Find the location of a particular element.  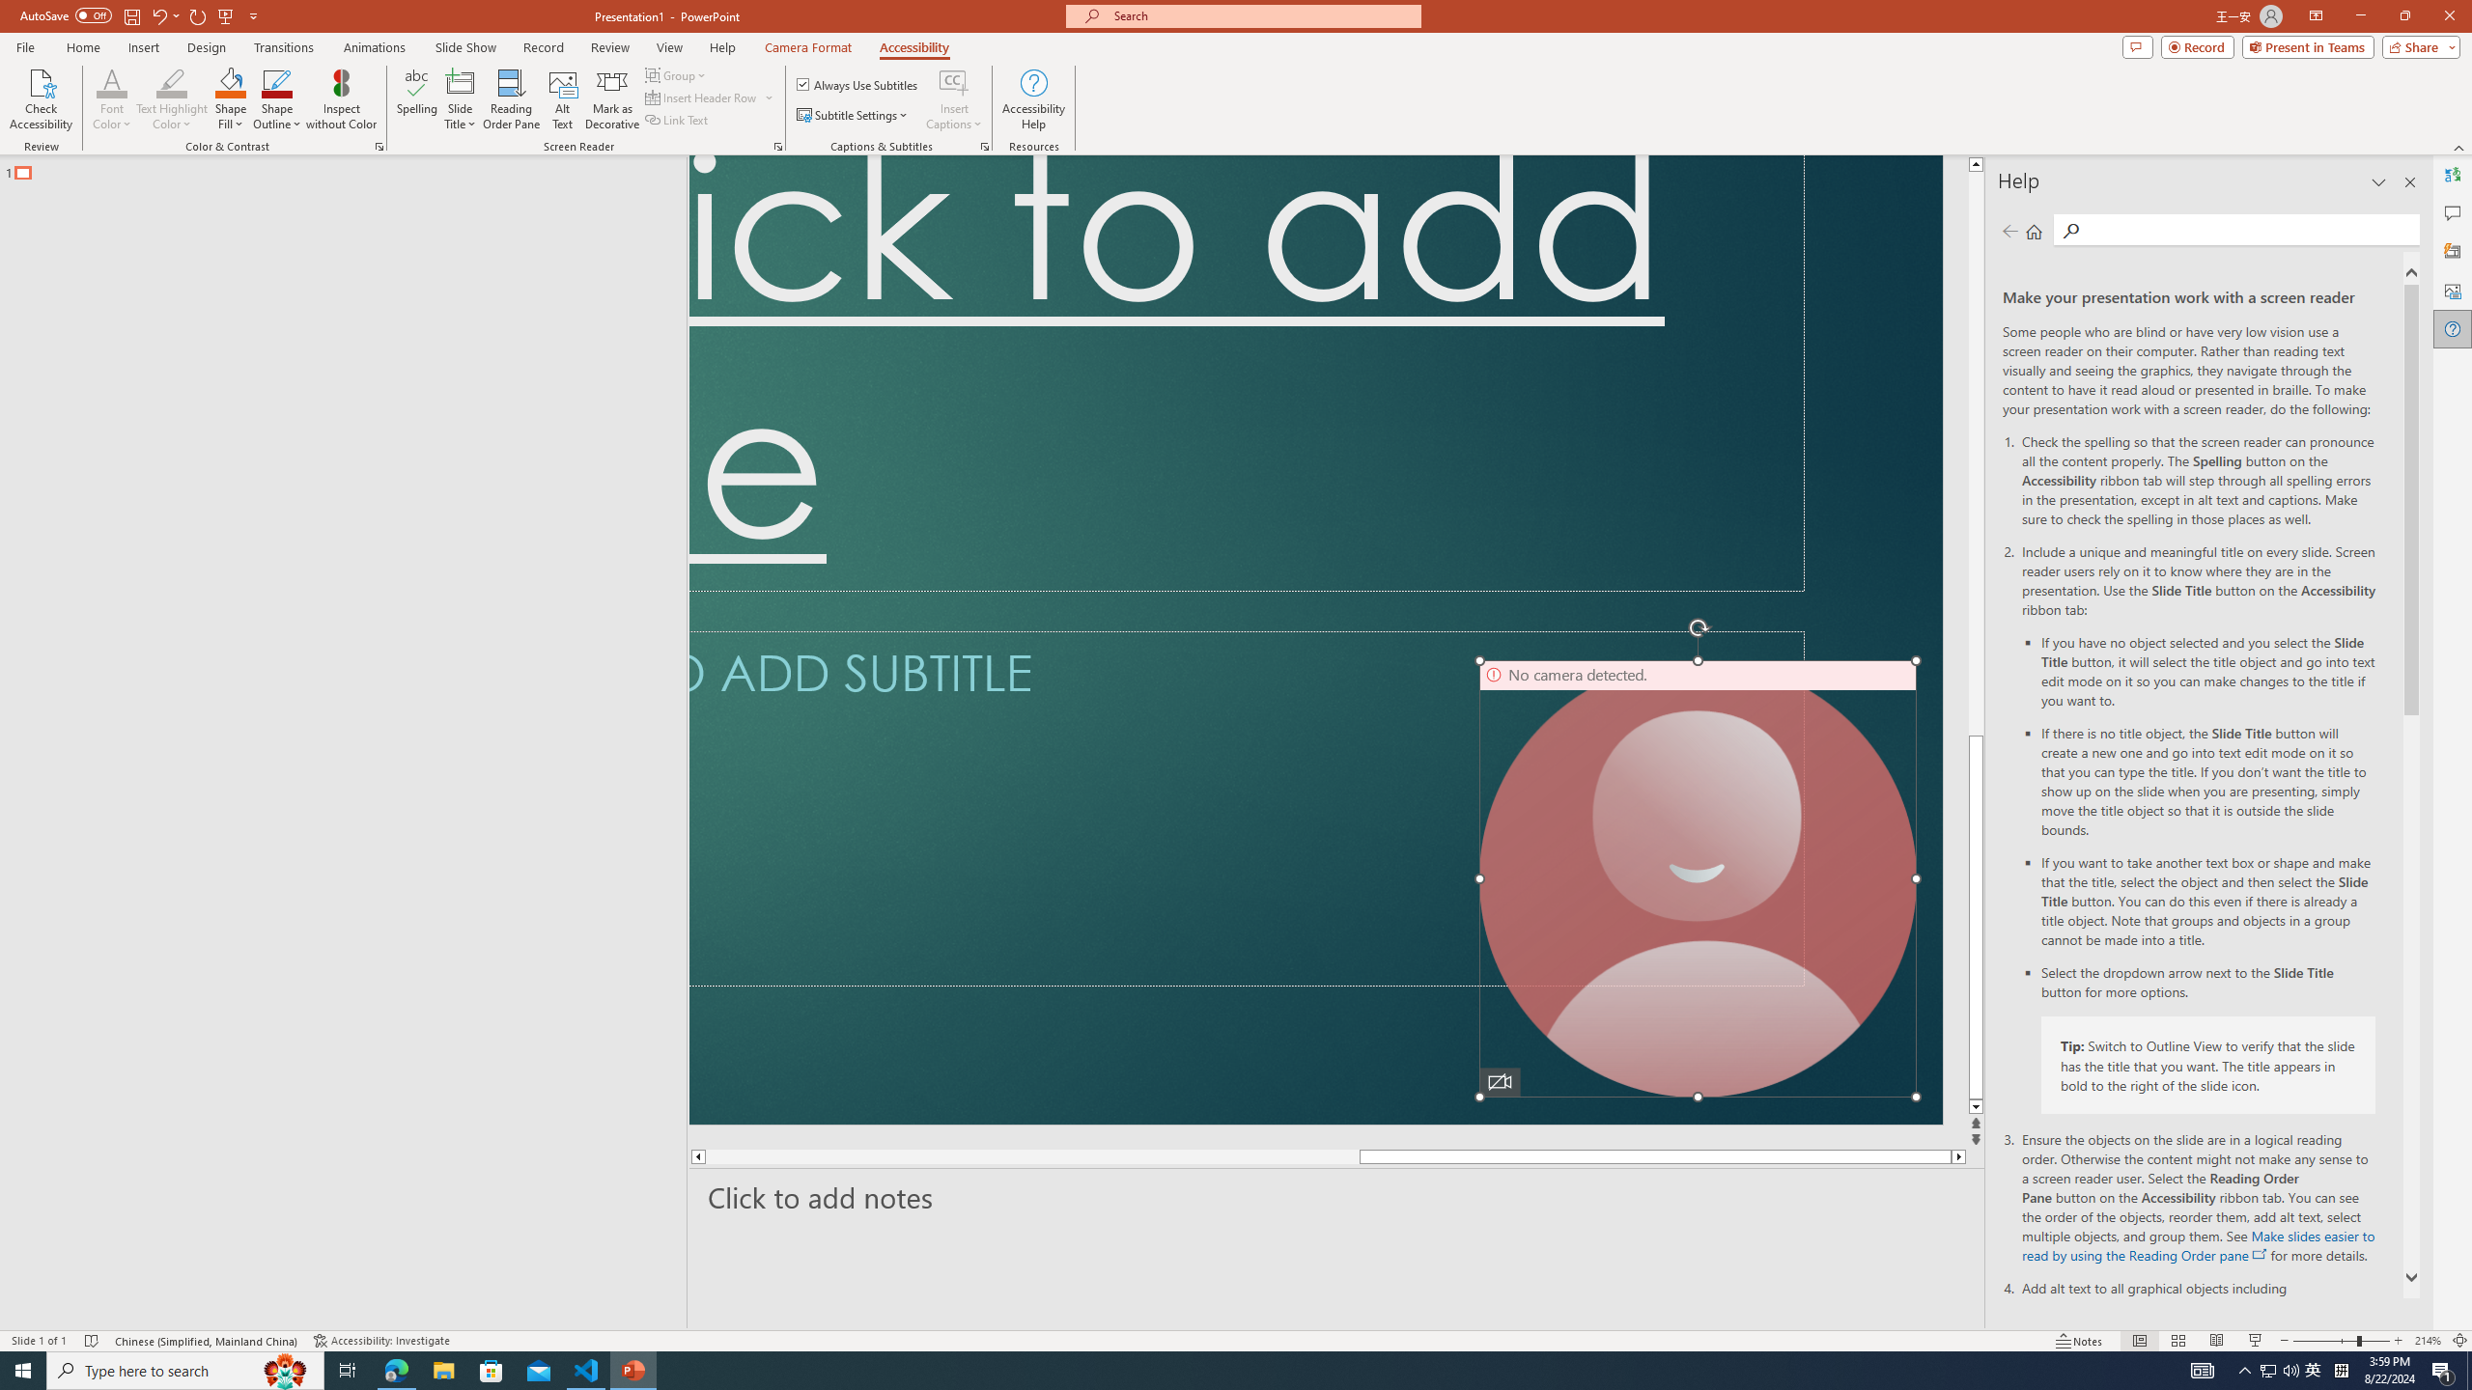

'Shape Outline Blue, Accent 1' is located at coordinates (278, 81).